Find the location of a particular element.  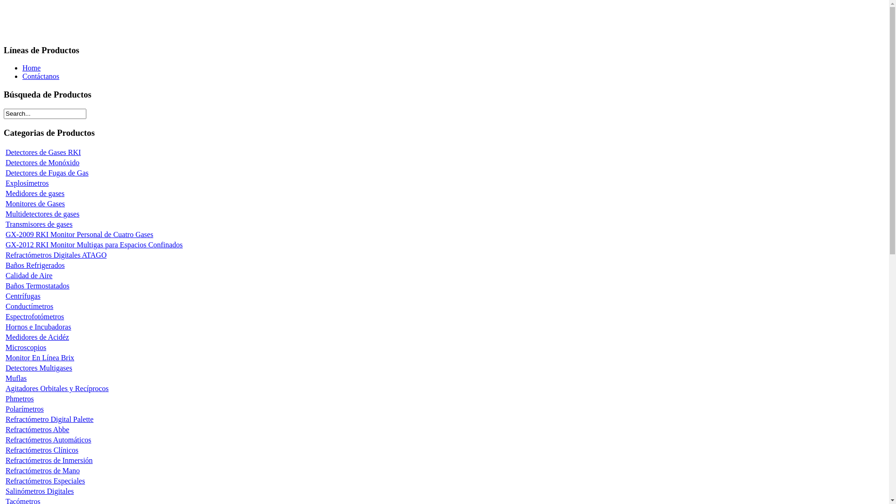

'Detectores de Fugas de Gas' is located at coordinates (46, 173).